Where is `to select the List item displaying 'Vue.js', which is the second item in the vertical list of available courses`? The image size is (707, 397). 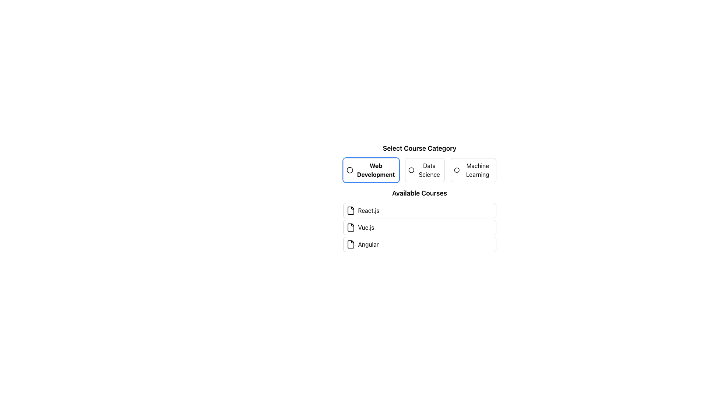 to select the List item displaying 'Vue.js', which is the second item in the vertical list of available courses is located at coordinates (419, 227).